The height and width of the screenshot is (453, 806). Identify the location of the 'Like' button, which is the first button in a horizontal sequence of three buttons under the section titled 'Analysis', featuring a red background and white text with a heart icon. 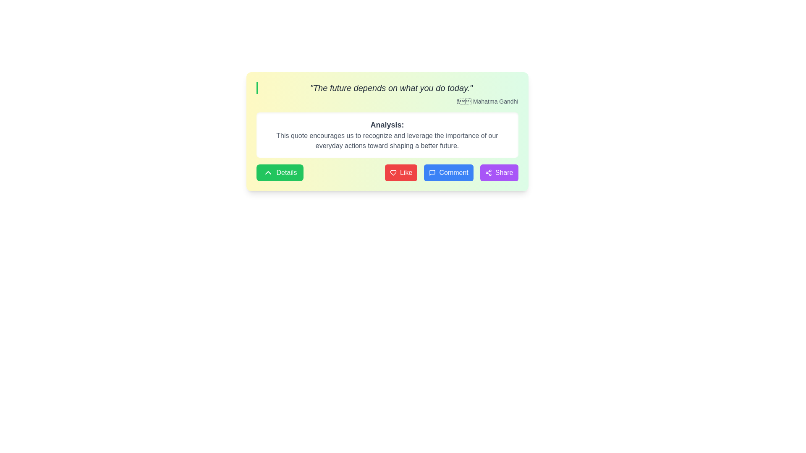
(400, 172).